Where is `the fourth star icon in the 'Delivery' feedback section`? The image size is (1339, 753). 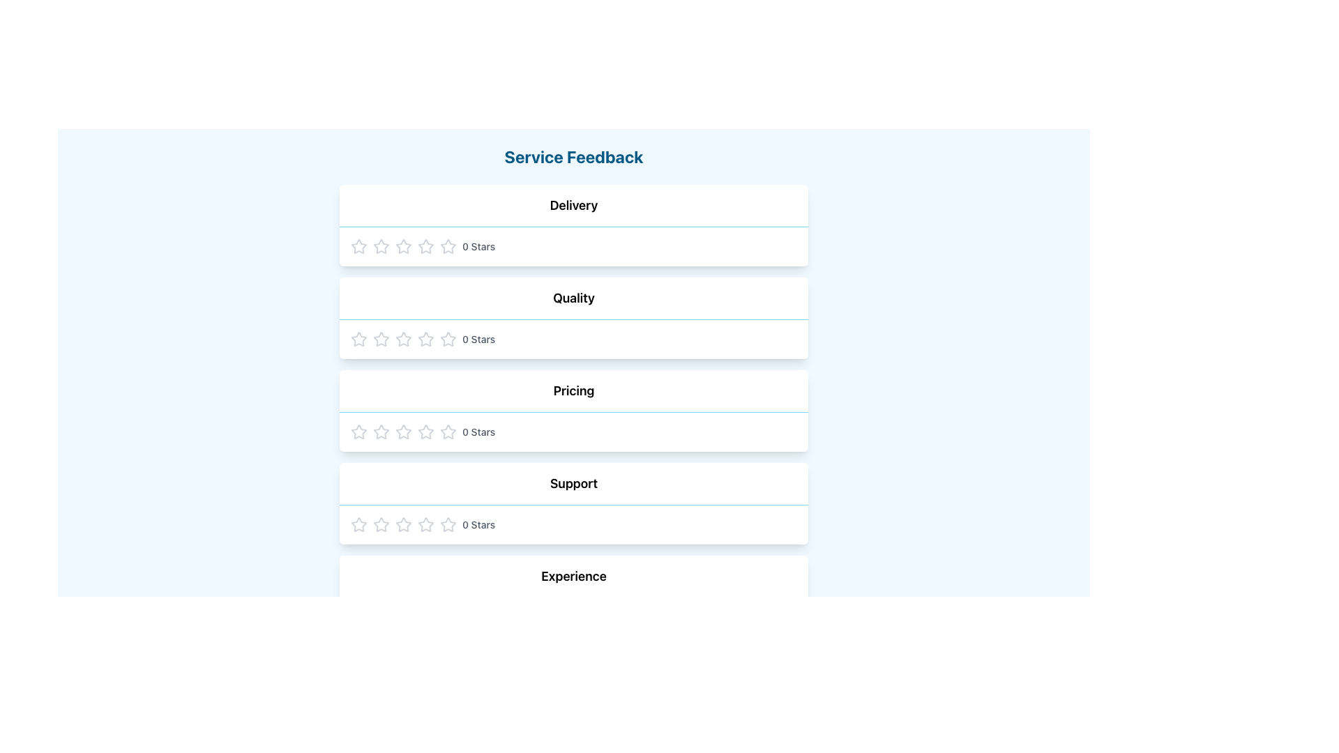 the fourth star icon in the 'Delivery' feedback section is located at coordinates (403, 246).